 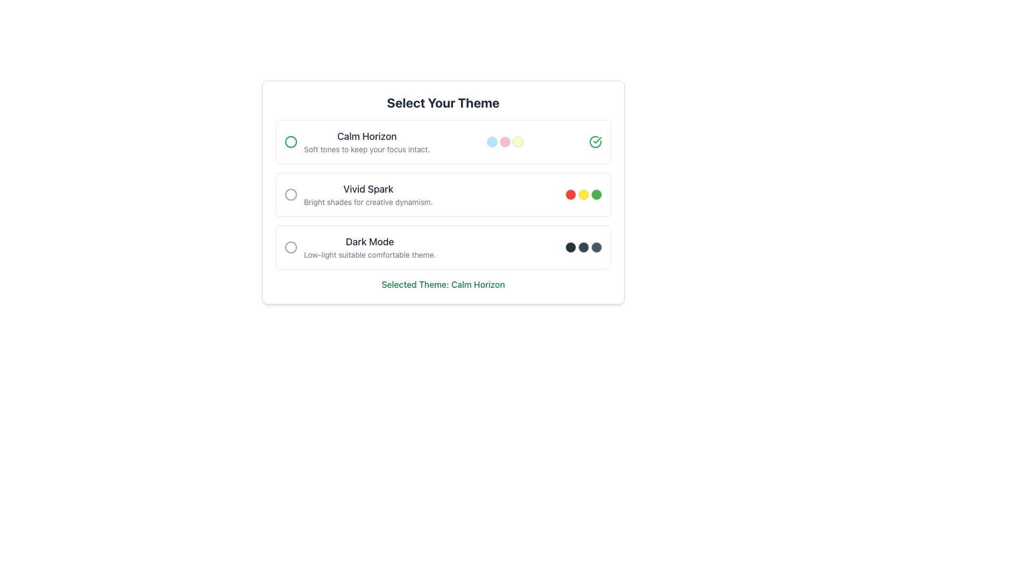 What do you see at coordinates (443, 141) in the screenshot?
I see `the 'Calm Horizon' theme card, which is the first entry in a vertical list of theme options` at bounding box center [443, 141].